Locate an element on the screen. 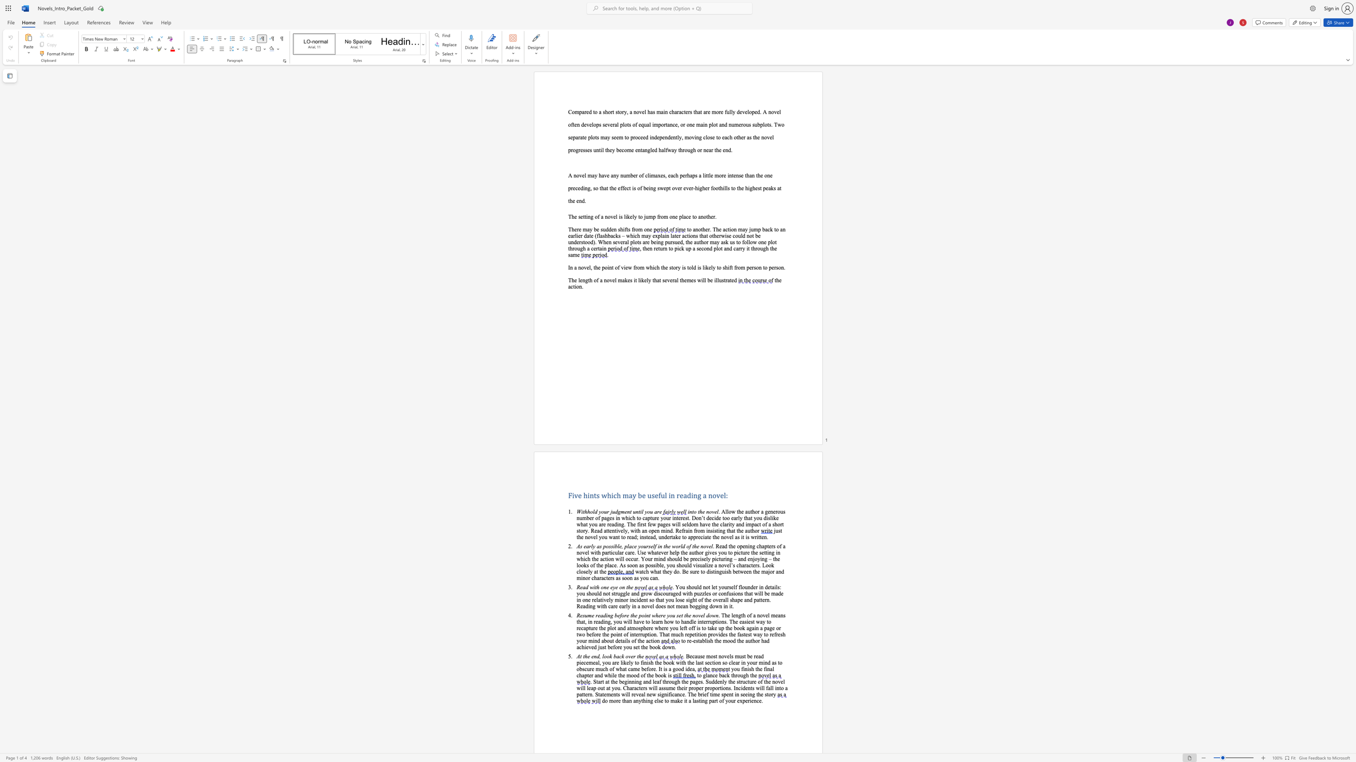  the subset text "separate plots may s" within the text "subplots. Two separate plots may seem to" is located at coordinates (568, 137).